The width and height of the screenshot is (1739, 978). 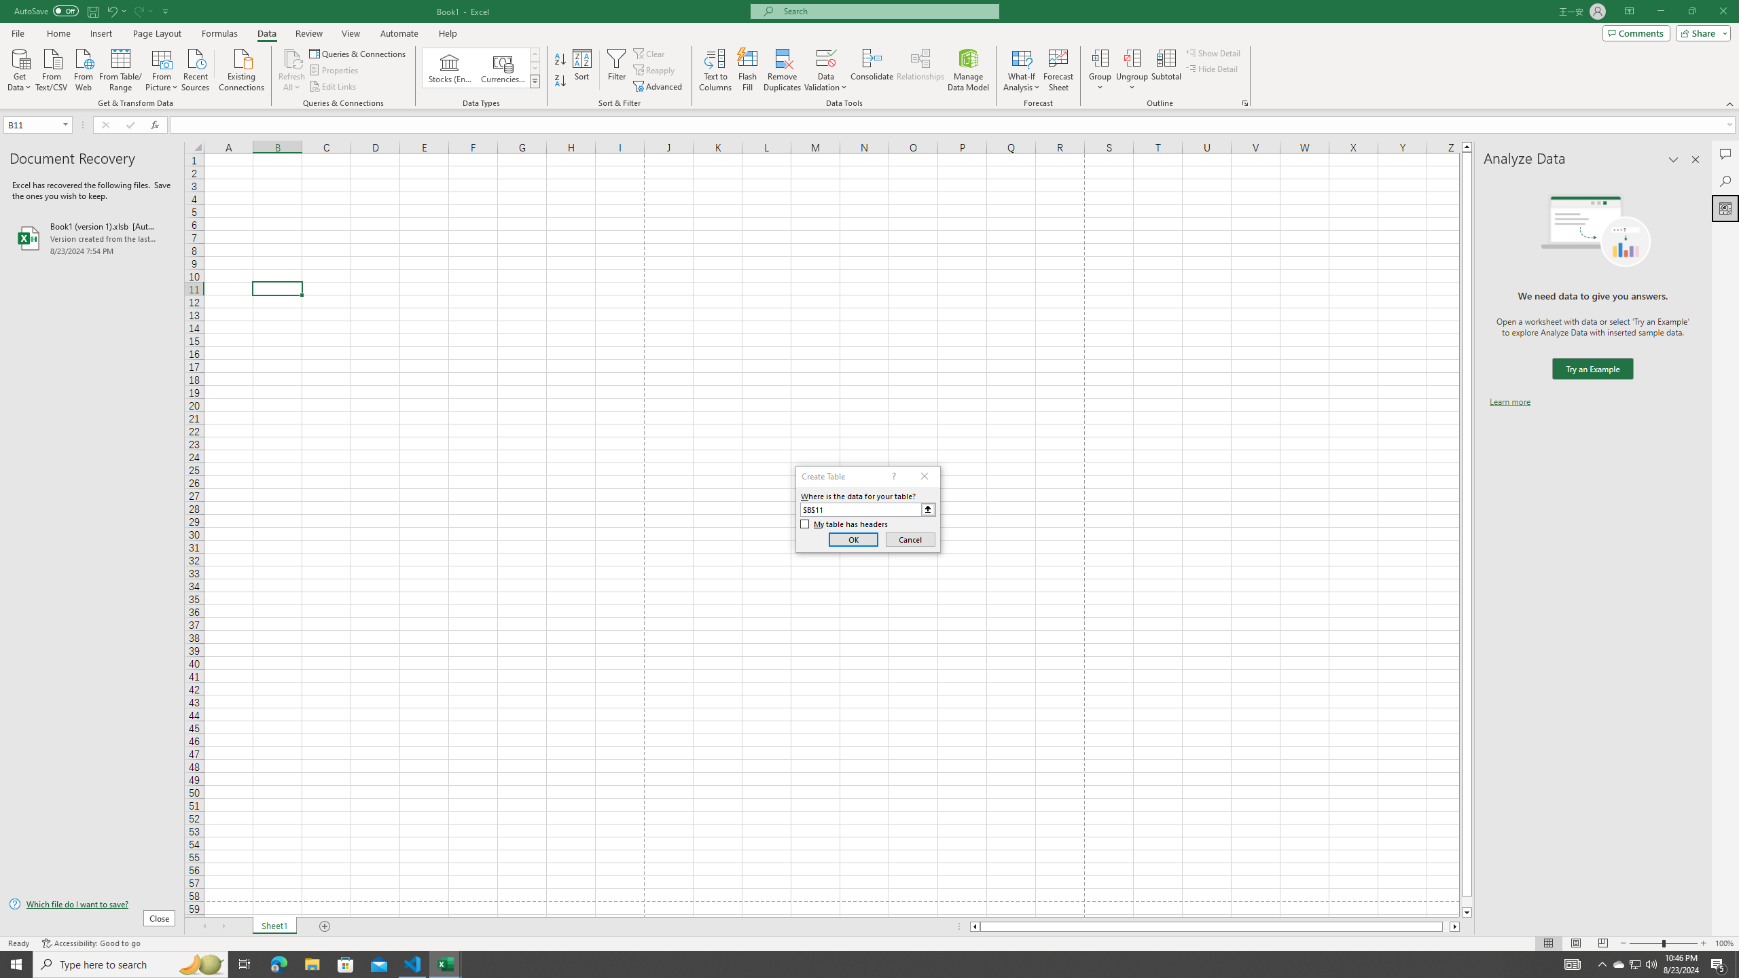 I want to click on 'Data Types', so click(x=535, y=80).